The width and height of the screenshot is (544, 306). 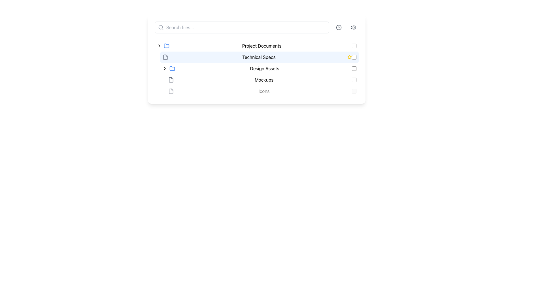 I want to click on the icon representing a file, located to the left of the text 'Mockups', so click(x=171, y=80).